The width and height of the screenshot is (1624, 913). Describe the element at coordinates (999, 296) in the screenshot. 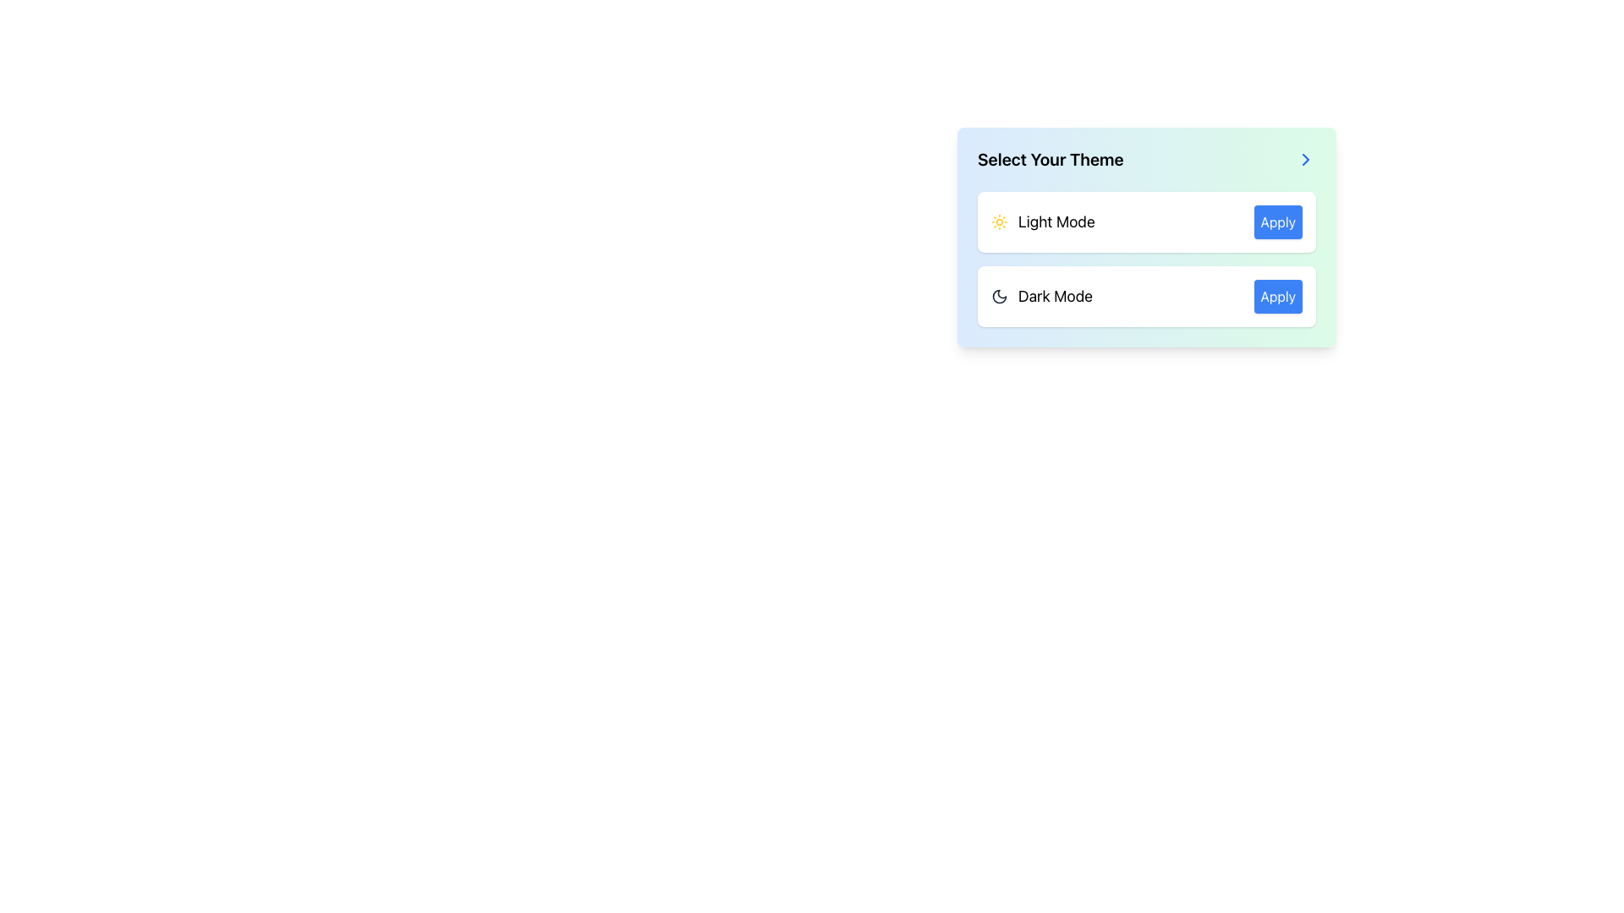

I see `the circular dark gray crescent moon icon representing the 'Dark Mode' option, which is located to the left of the 'Dark Mode' text` at that location.